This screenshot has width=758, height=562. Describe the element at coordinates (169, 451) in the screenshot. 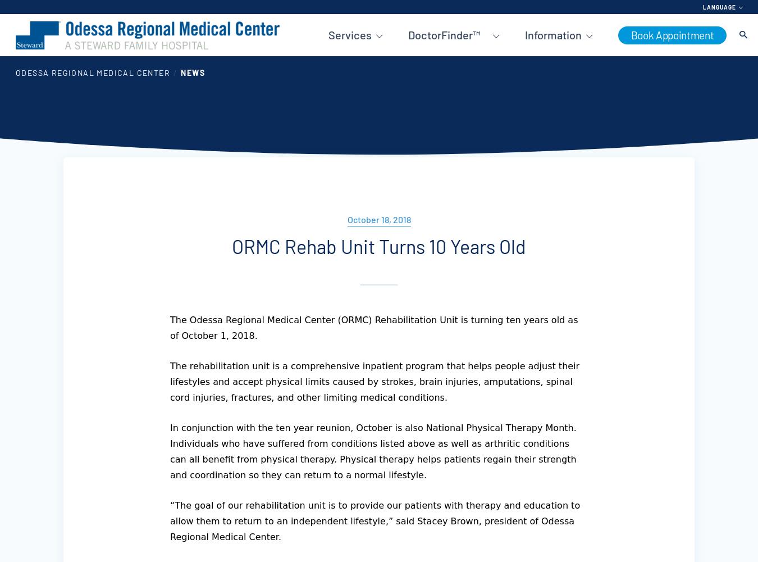

I see `'In conjunction with the ten year reunion, October is also National Physical Therapy Month. Individuals who have suffered from conditions listed above as well as arthritic conditions can all benefit from physical therapy. Physical therapy helps patients regain their strength and coordination so they can return to a normal lifestyle.'` at that location.